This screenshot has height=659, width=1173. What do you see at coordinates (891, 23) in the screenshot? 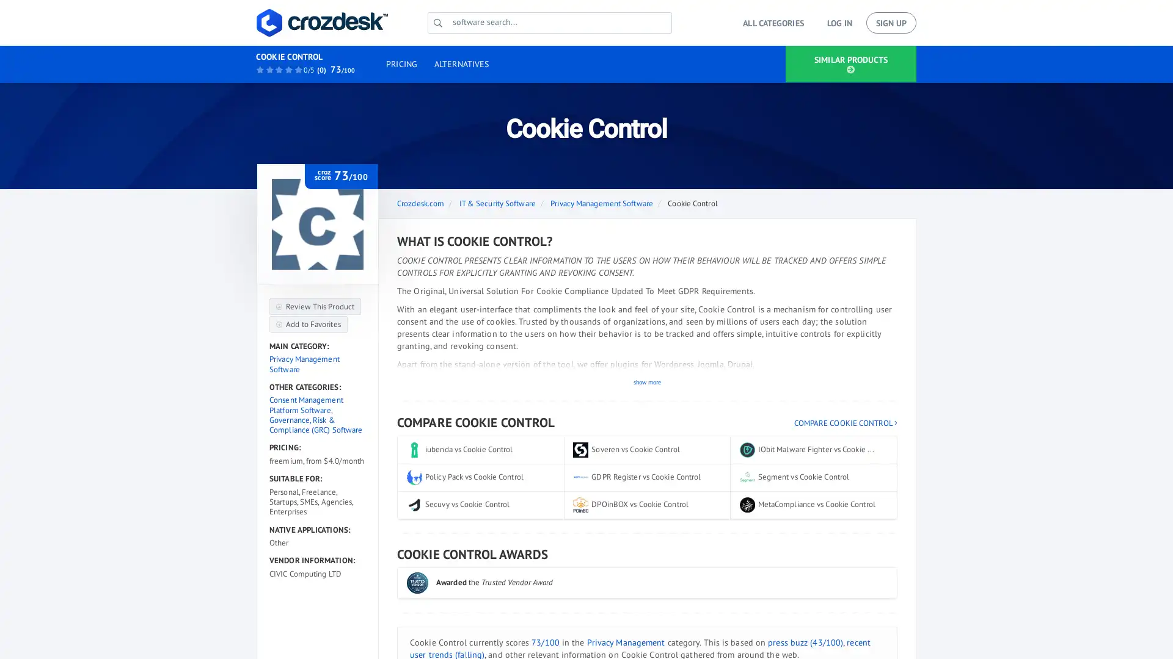
I see `SIGN UP` at bounding box center [891, 23].